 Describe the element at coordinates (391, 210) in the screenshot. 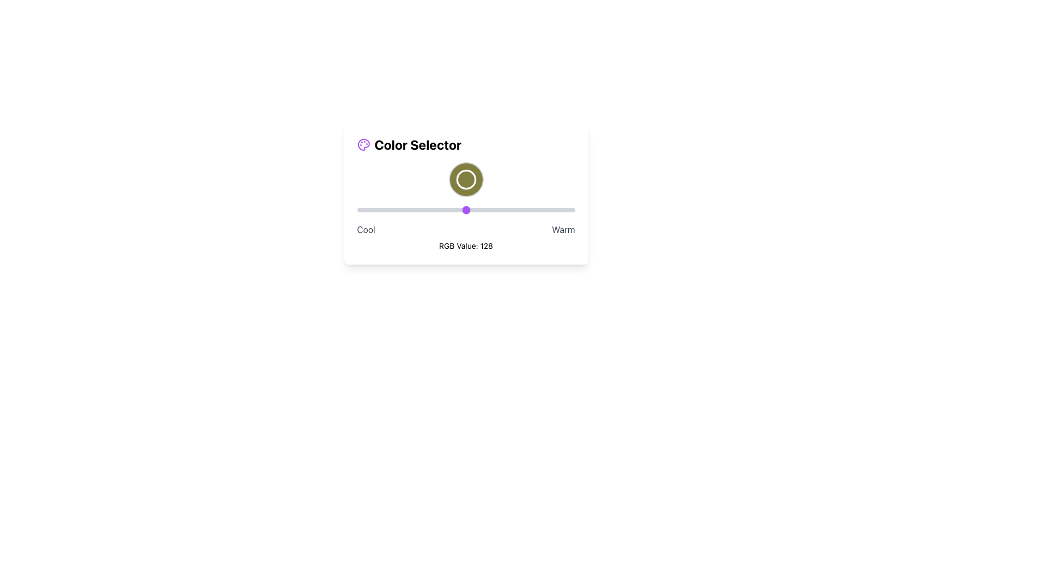

I see `the color selector` at that location.